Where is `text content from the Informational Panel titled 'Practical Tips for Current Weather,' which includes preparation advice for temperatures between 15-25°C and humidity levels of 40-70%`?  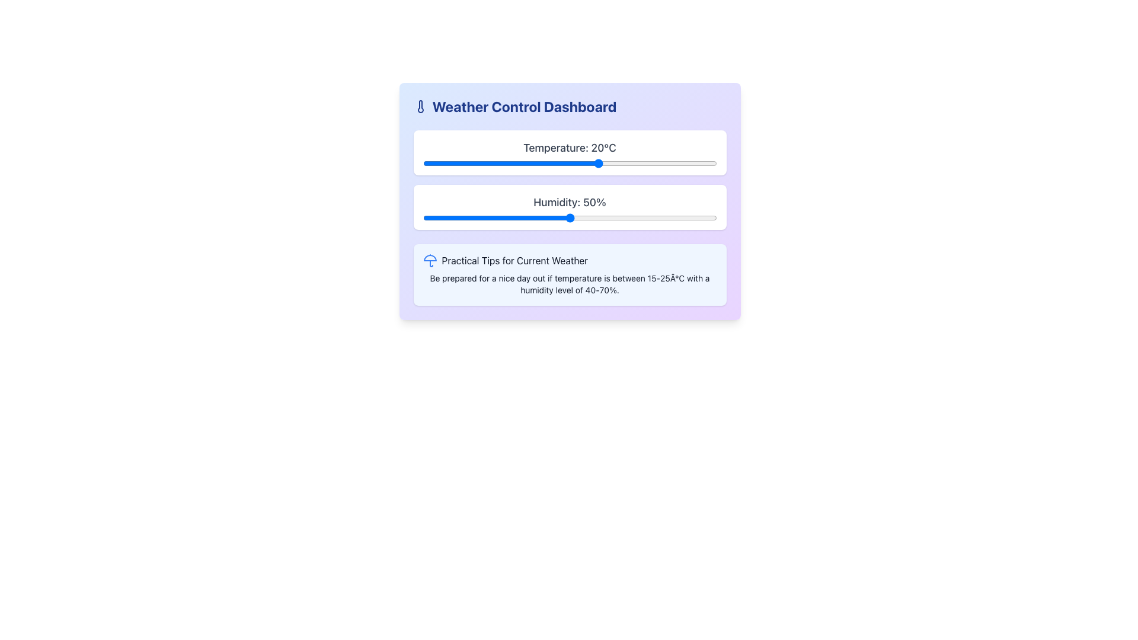 text content from the Informational Panel titled 'Practical Tips for Current Weather,' which includes preparation advice for temperatures between 15-25°C and humidity levels of 40-70% is located at coordinates (570, 274).